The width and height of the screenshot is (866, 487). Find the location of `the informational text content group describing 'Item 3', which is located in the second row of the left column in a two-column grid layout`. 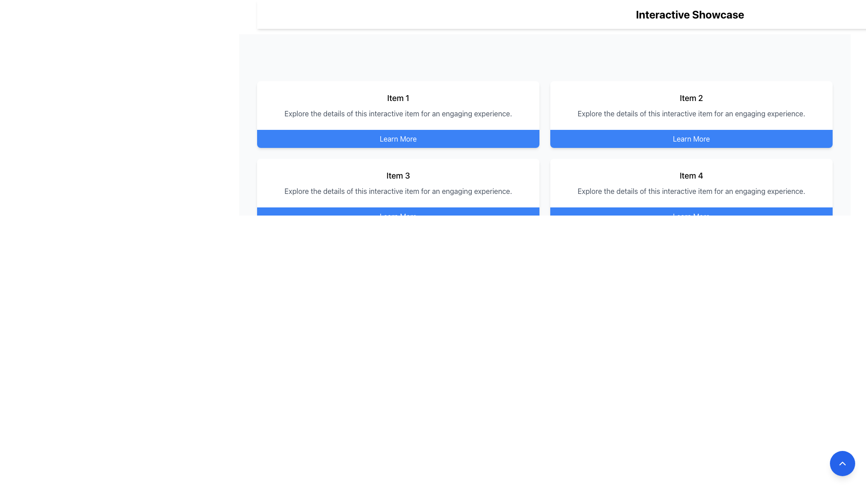

the informational text content group describing 'Item 3', which is located in the second row of the left column in a two-column grid layout is located at coordinates (398, 183).